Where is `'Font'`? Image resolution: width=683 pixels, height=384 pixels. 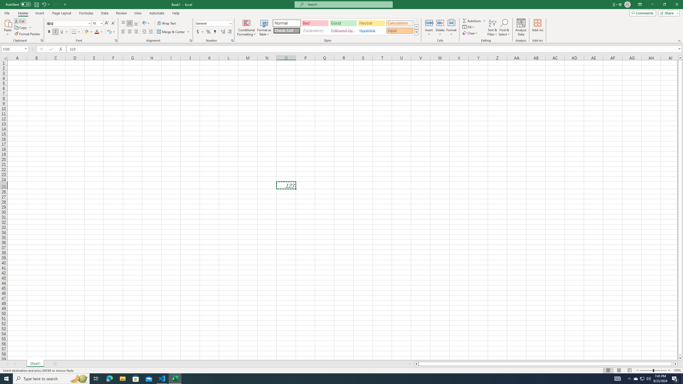 'Font' is located at coordinates (66, 23).